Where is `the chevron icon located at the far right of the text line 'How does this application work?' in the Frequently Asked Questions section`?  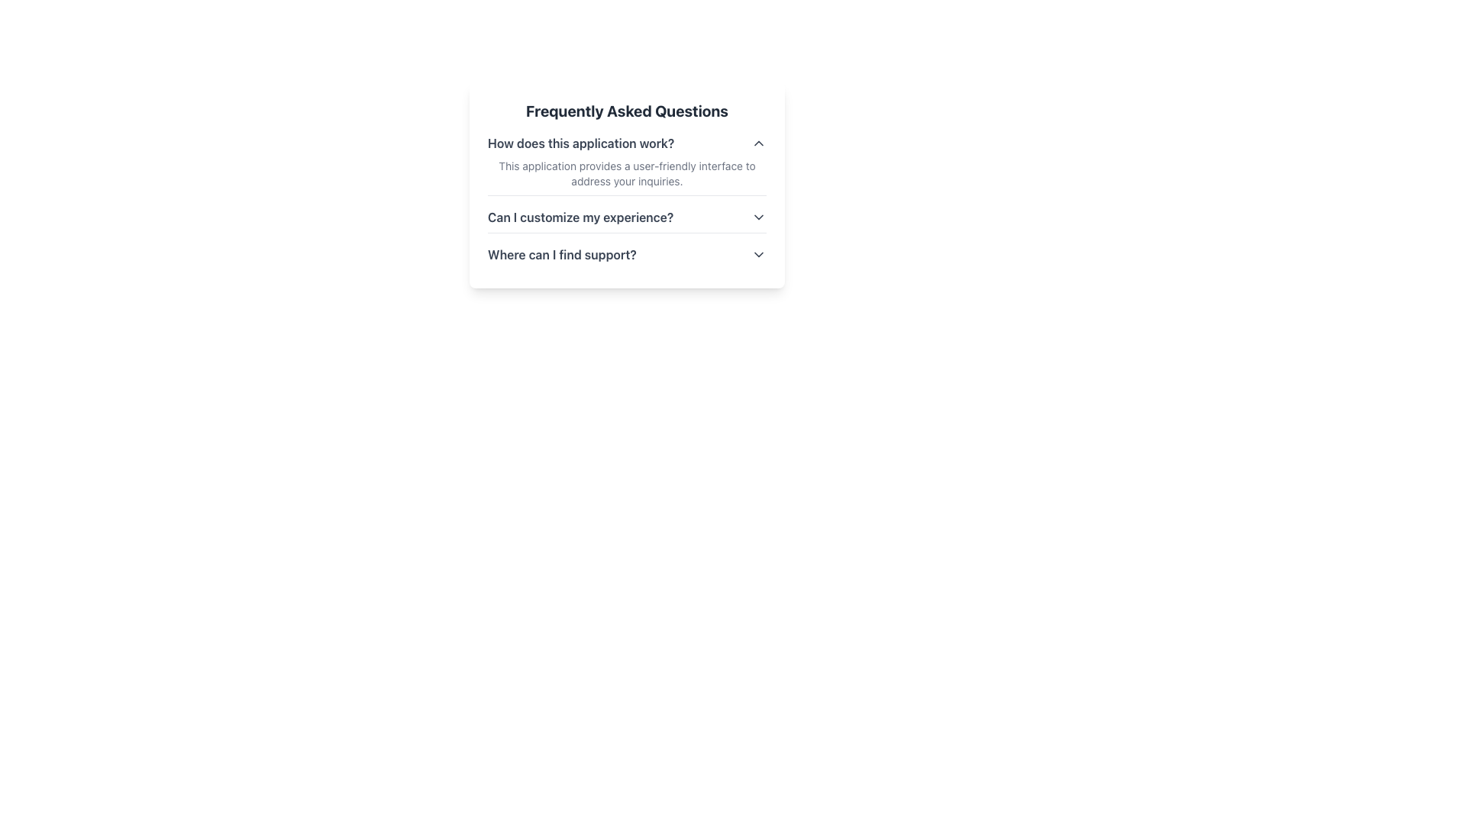
the chevron icon located at the far right of the text line 'How does this application work?' in the Frequently Asked Questions section is located at coordinates (758, 143).